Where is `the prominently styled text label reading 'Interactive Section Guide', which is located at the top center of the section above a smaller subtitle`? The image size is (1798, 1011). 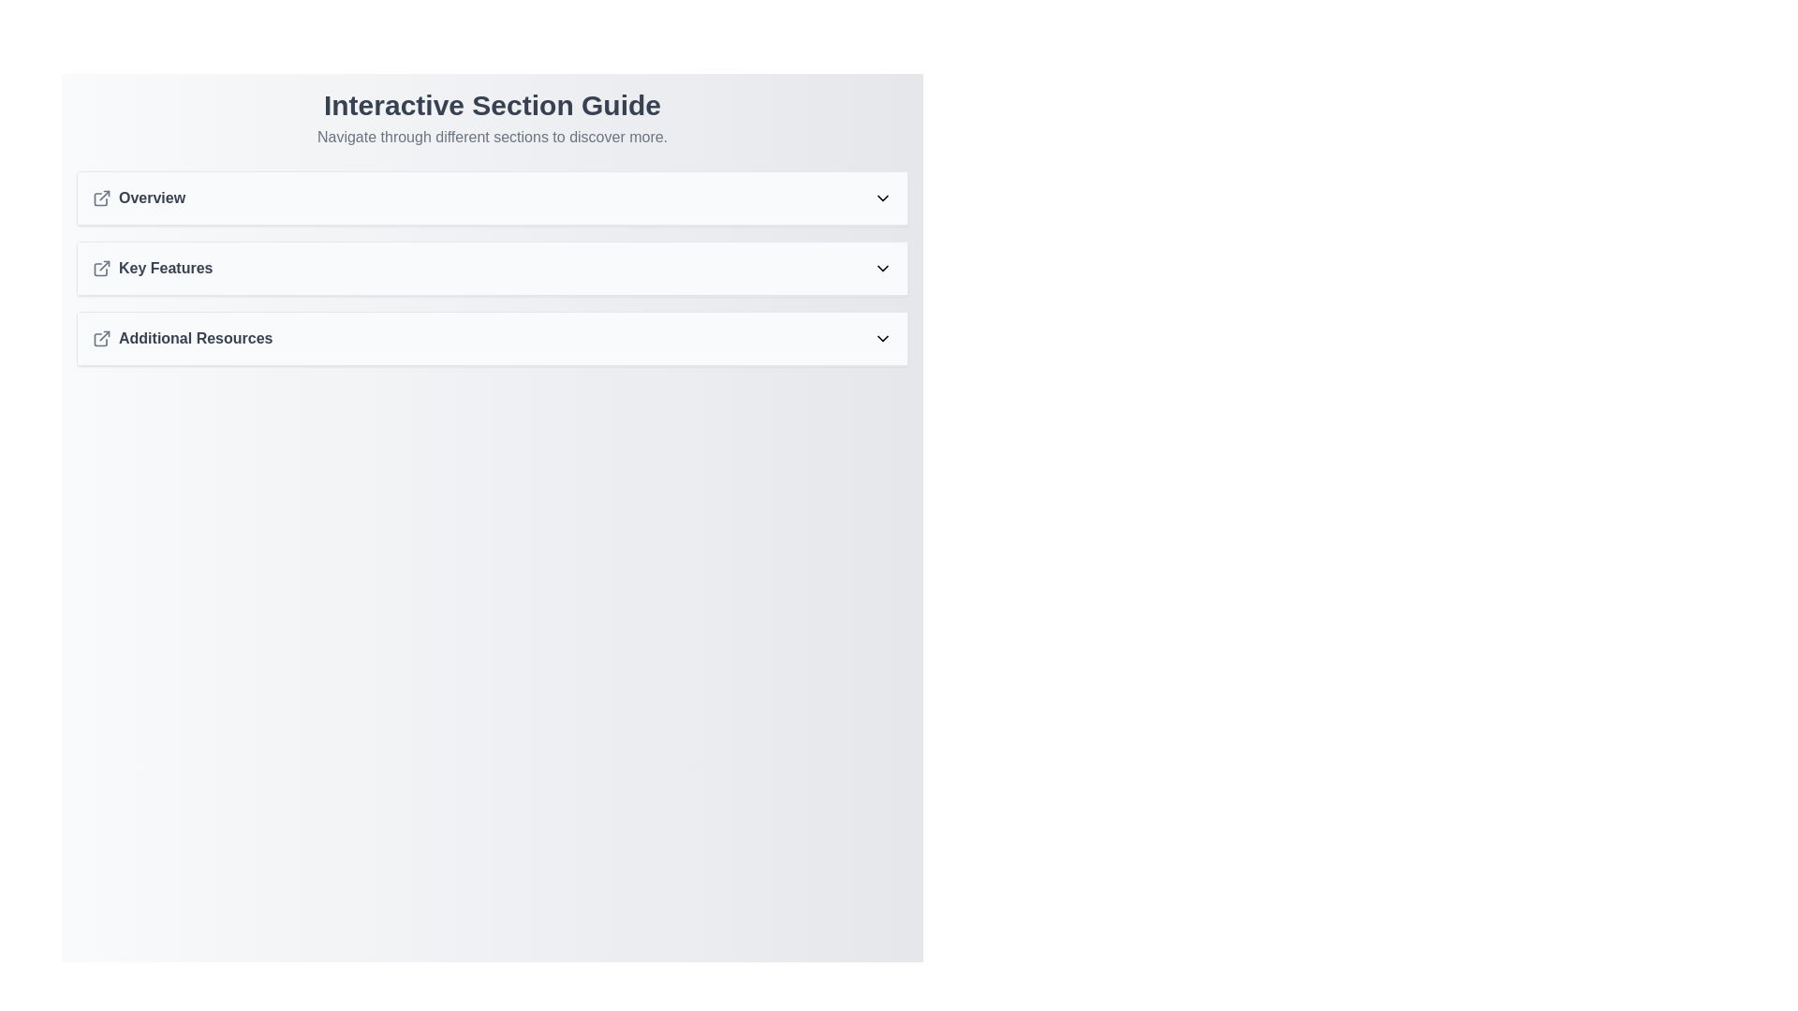 the prominently styled text label reading 'Interactive Section Guide', which is located at the top center of the section above a smaller subtitle is located at coordinates (493, 105).